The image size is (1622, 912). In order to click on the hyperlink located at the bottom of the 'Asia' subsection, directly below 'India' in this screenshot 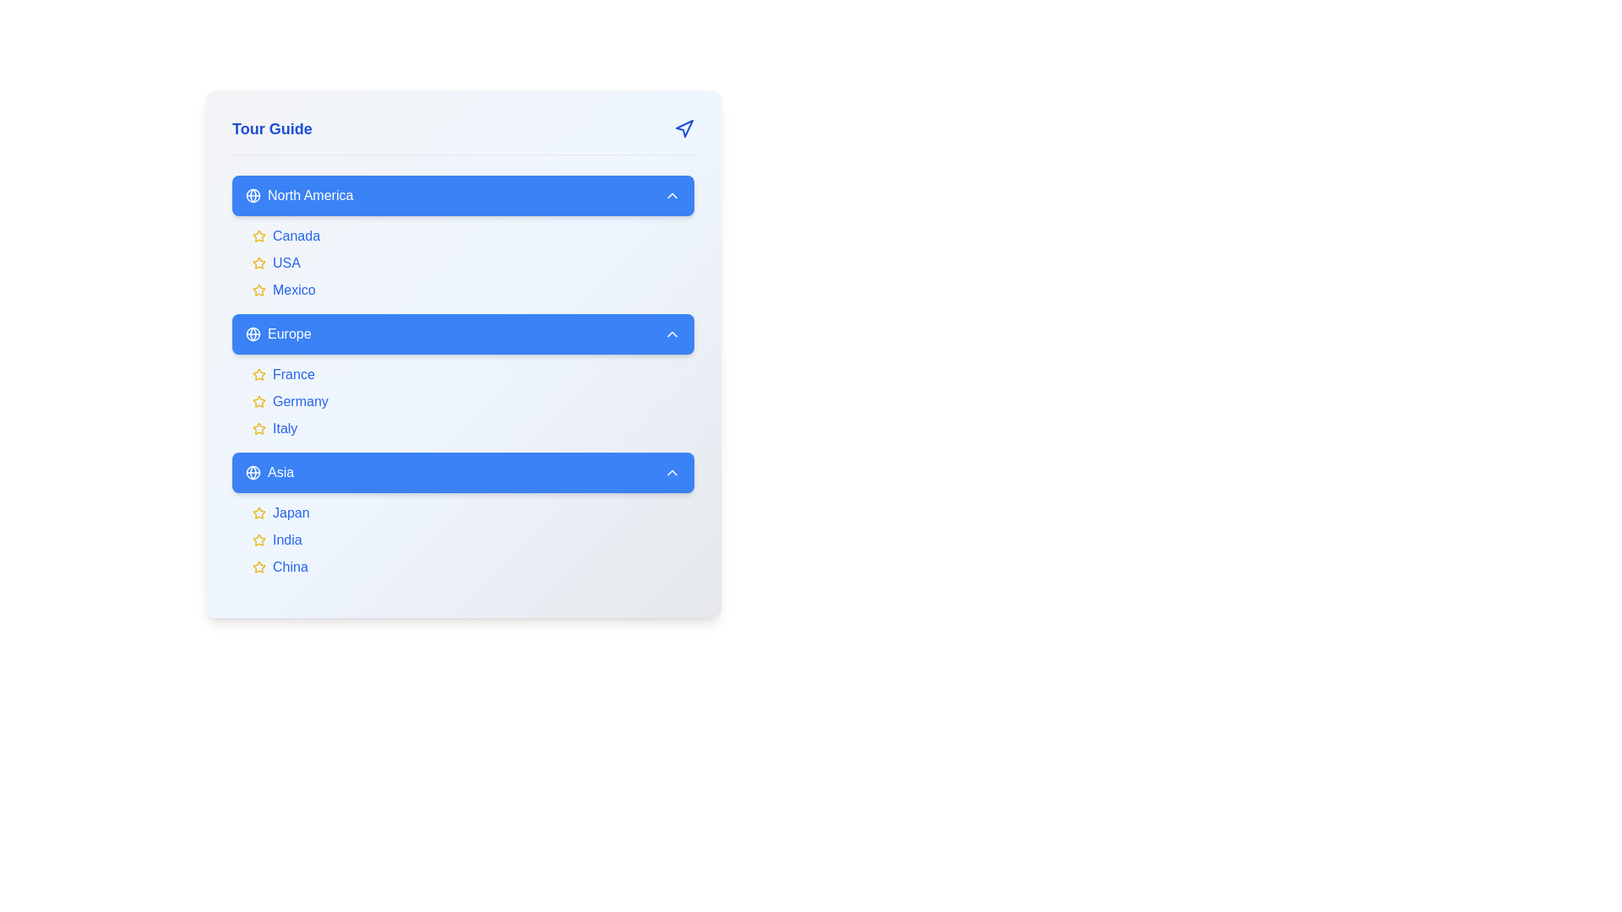, I will do `click(290, 567)`.